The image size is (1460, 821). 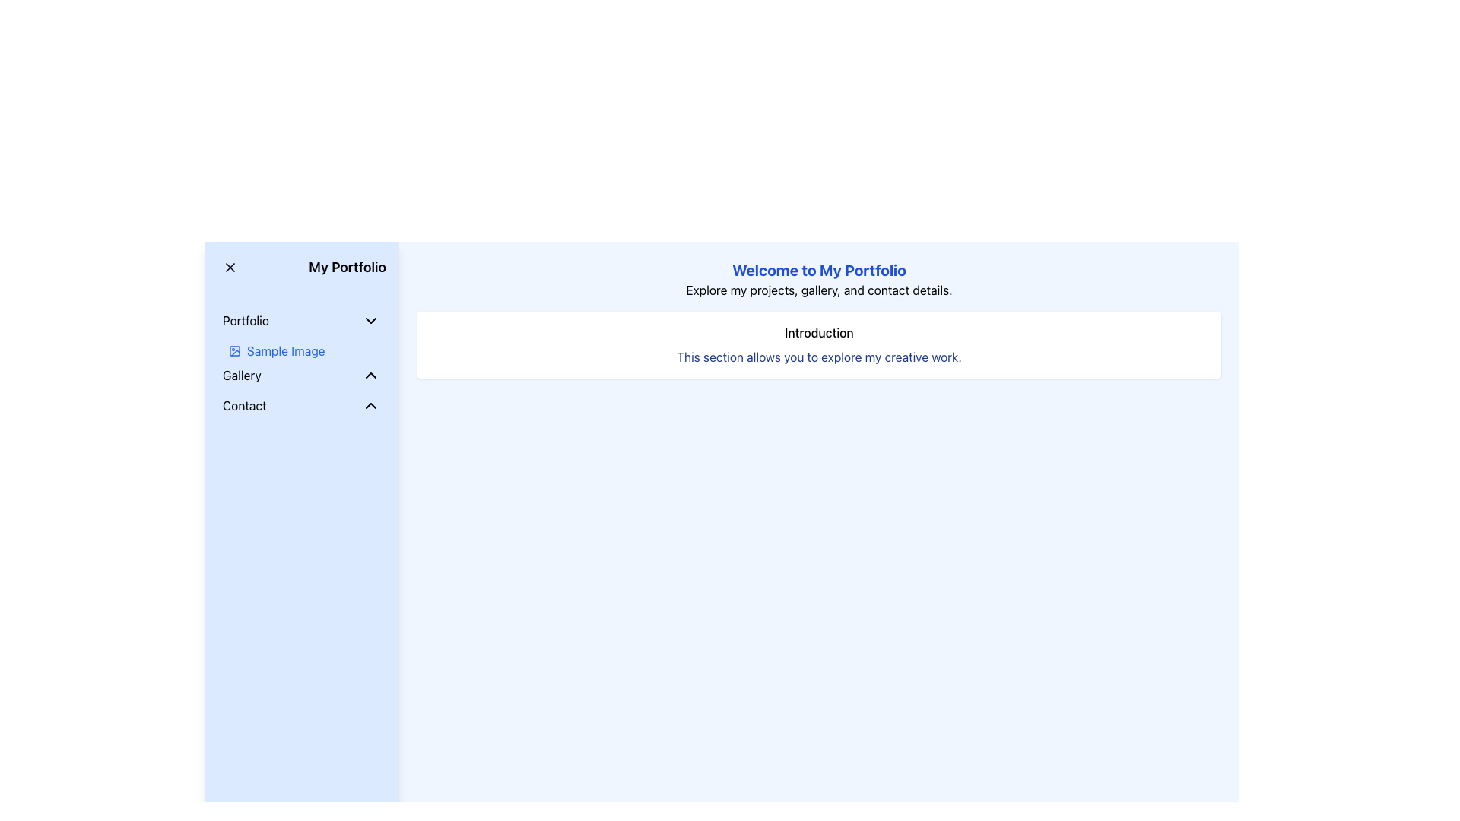 I want to click on the 'Portfolio' dropdown button located in the left sidebar menu, which is highlighted when hovered over, so click(x=301, y=319).